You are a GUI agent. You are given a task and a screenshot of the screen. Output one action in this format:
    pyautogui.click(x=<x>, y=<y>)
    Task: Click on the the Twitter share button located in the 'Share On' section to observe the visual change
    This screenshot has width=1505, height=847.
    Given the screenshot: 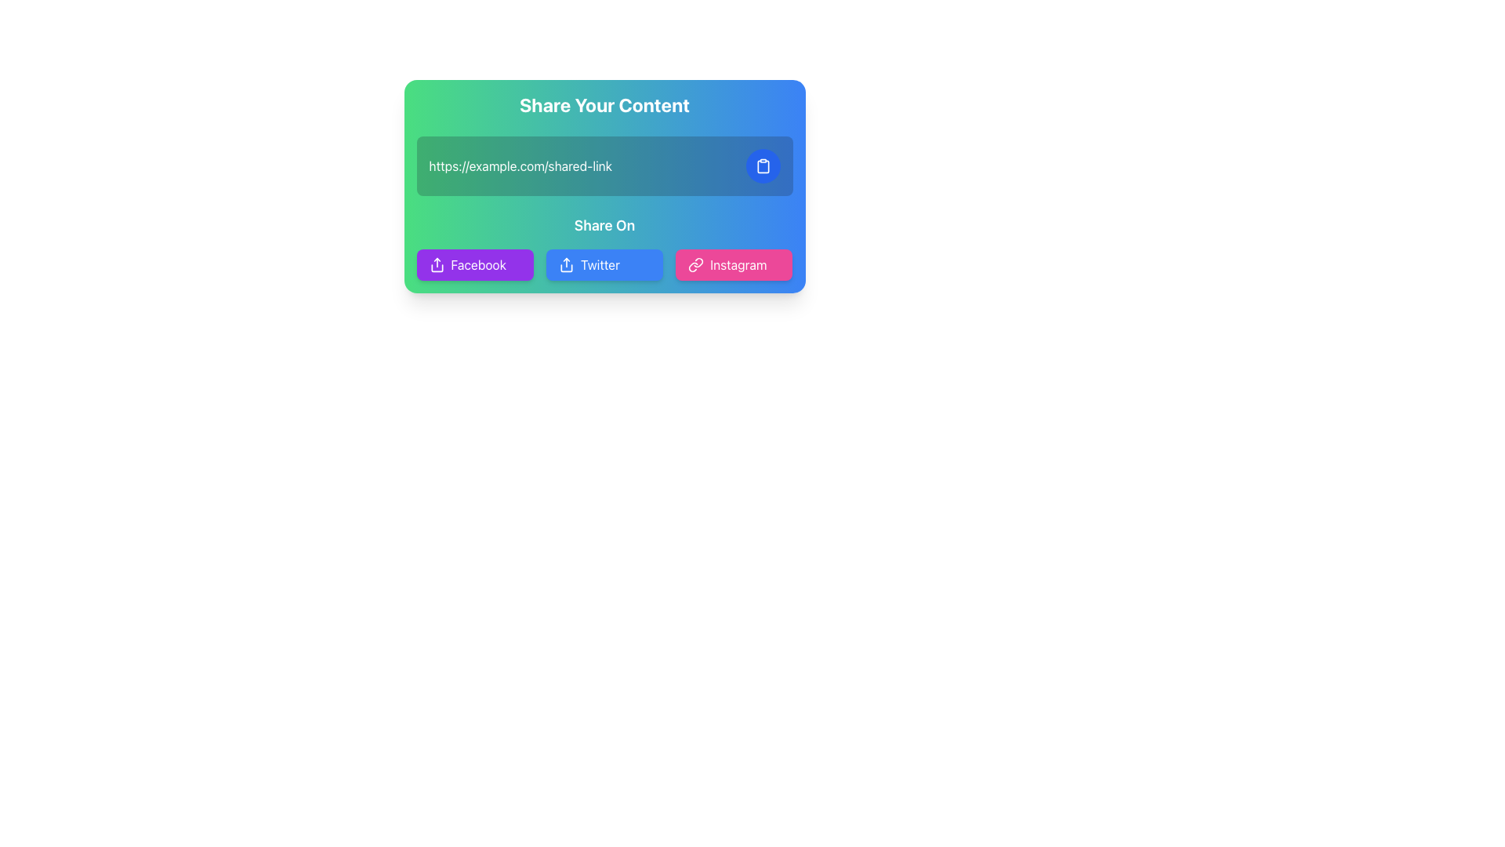 What is the action you would take?
    pyautogui.click(x=604, y=264)
    